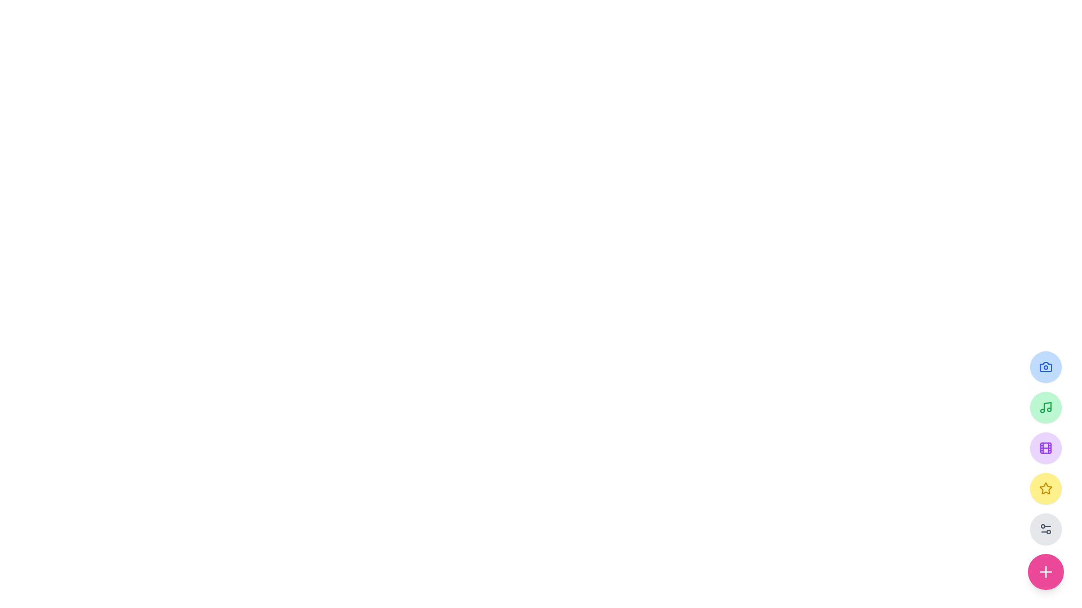 The width and height of the screenshot is (1082, 608). Describe the element at coordinates (1045, 571) in the screenshot. I see `the pink circular button with a white '+' icon located at the lower right corner of the interface` at that location.